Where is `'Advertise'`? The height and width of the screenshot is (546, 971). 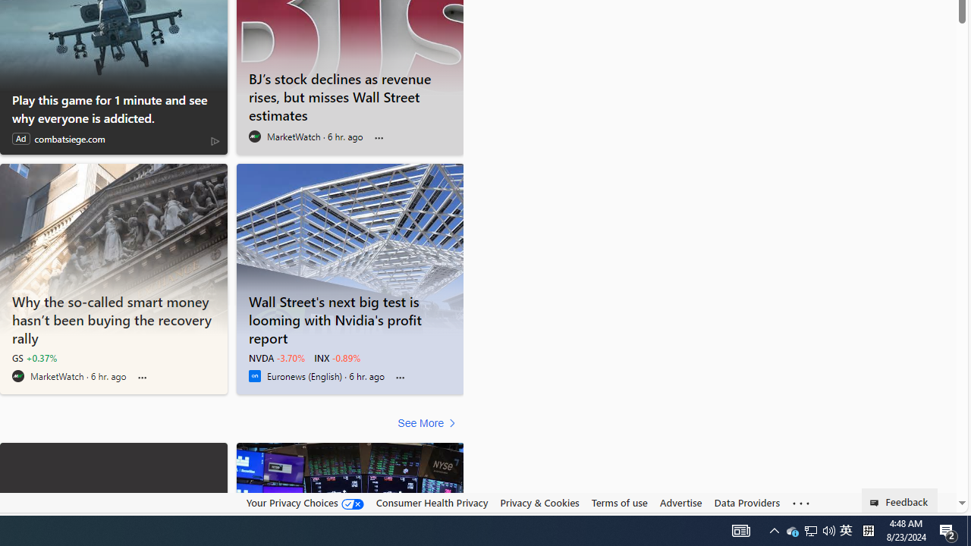 'Advertise' is located at coordinates (680, 503).